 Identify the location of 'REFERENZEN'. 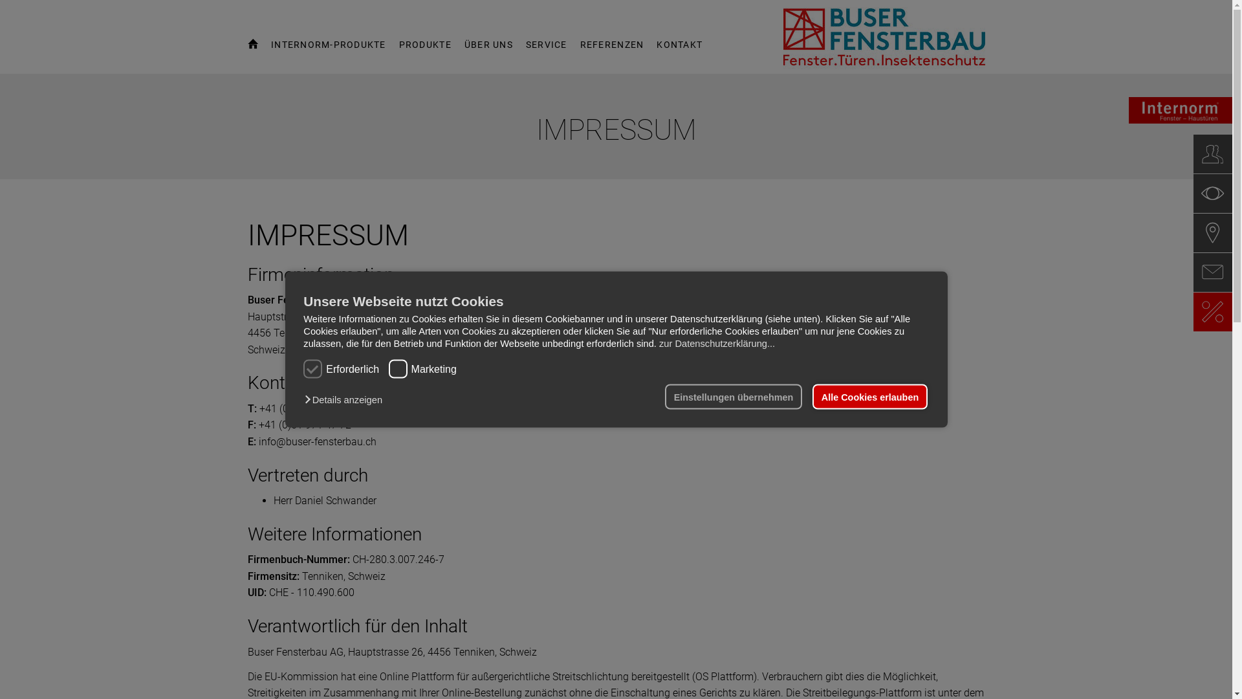
(580, 50).